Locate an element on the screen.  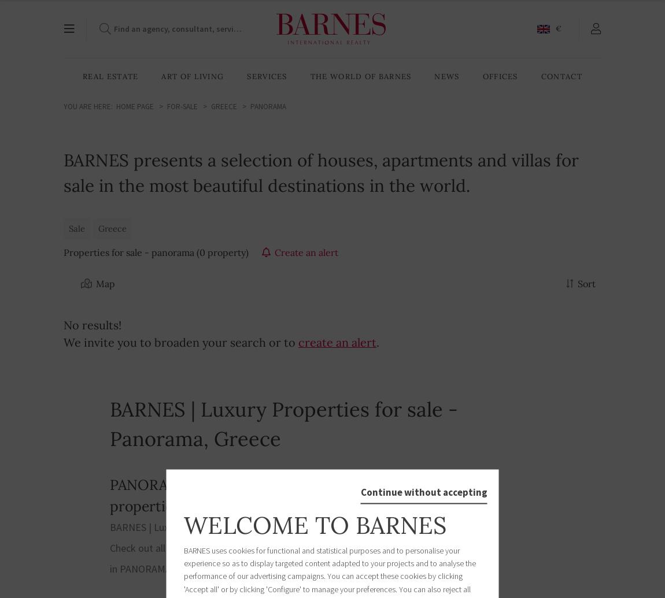
'For-sale' is located at coordinates (182, 106).